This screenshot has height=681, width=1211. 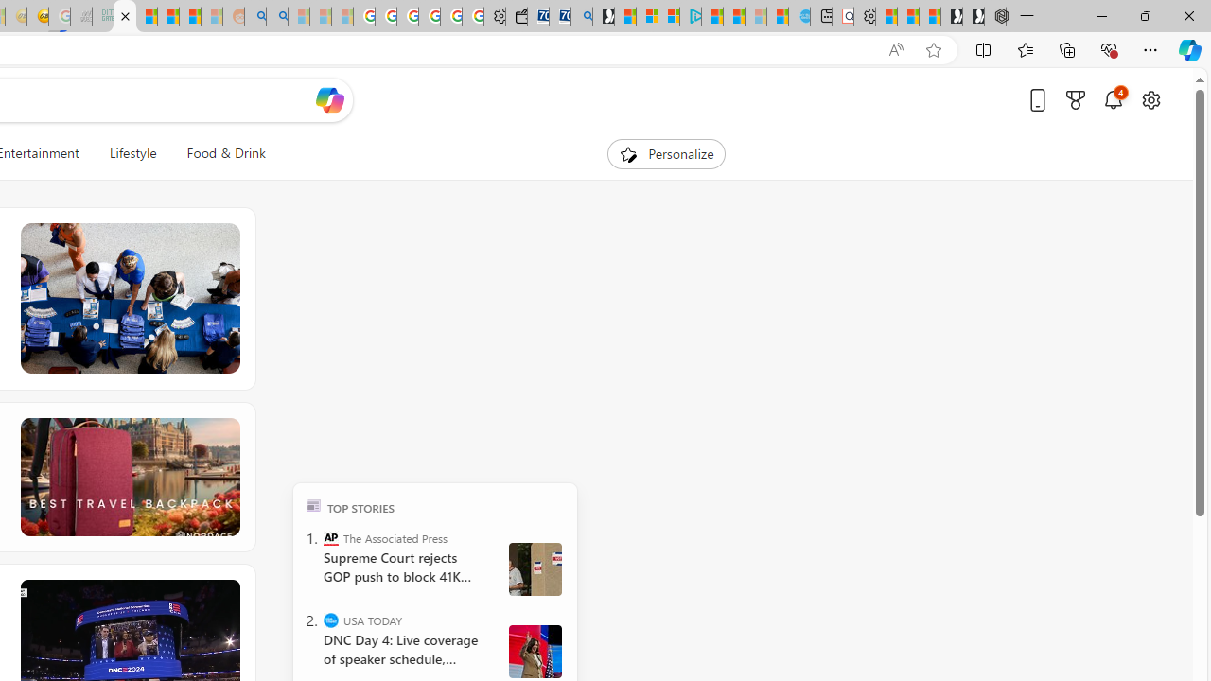 What do you see at coordinates (314, 504) in the screenshot?
I see `'TOP'` at bounding box center [314, 504].